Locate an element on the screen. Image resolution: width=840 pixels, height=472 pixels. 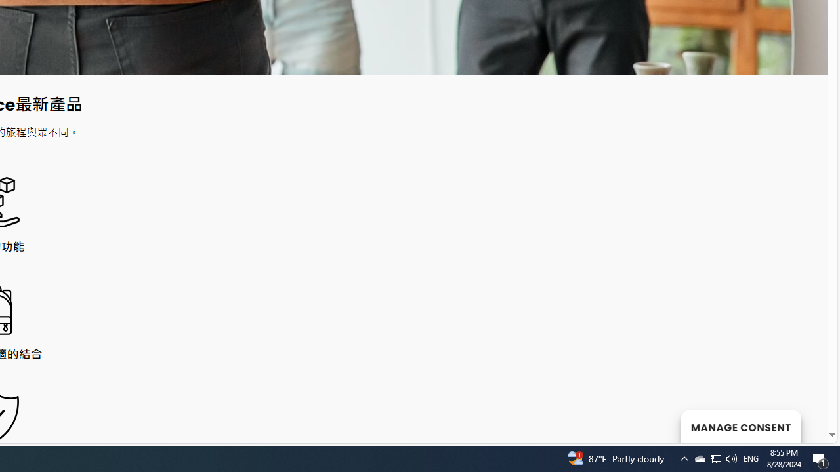
'MANAGE CONSENT' is located at coordinates (740, 426).